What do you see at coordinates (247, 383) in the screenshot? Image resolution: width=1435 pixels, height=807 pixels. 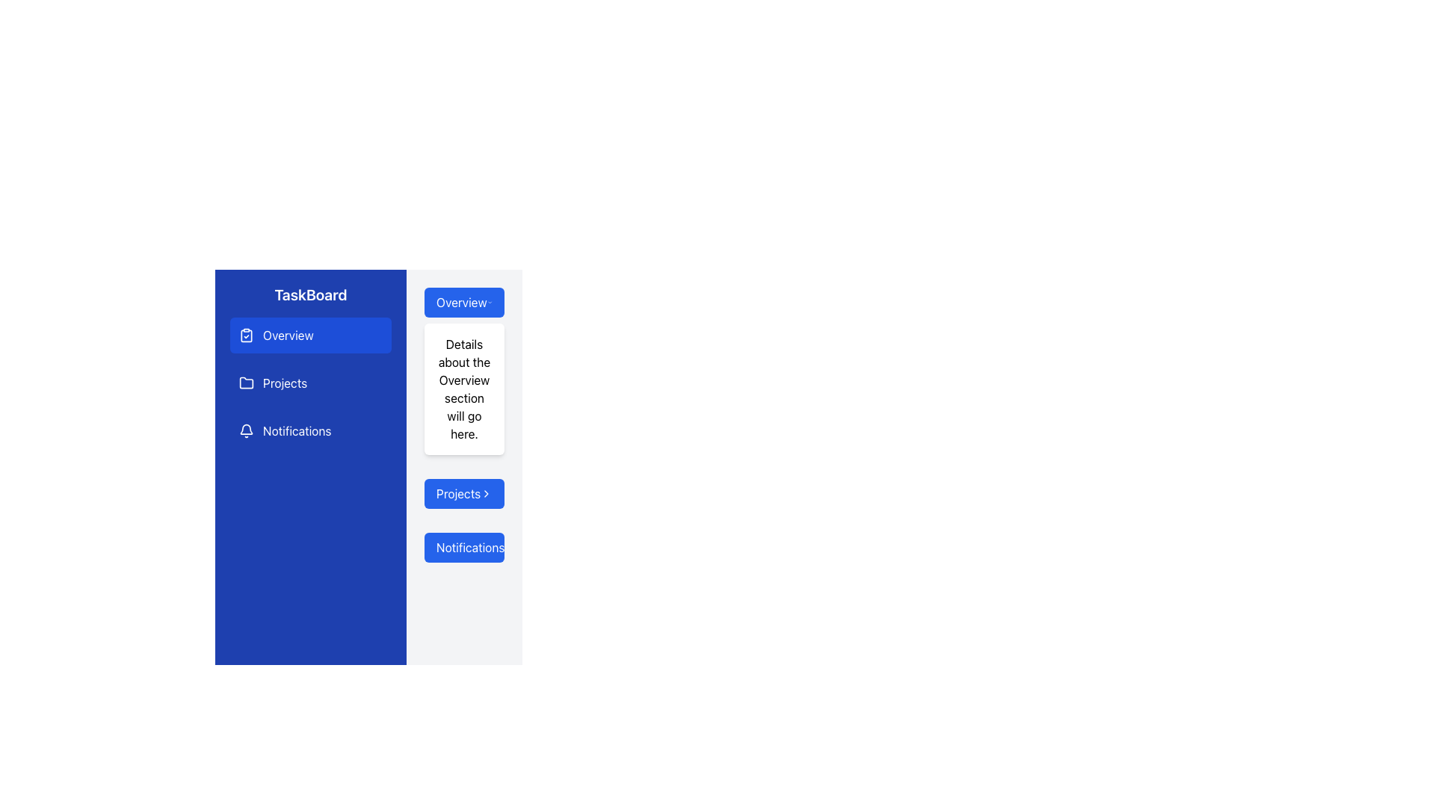 I see `the folder icon located in the left sidebar next to the 'Projects' label` at bounding box center [247, 383].